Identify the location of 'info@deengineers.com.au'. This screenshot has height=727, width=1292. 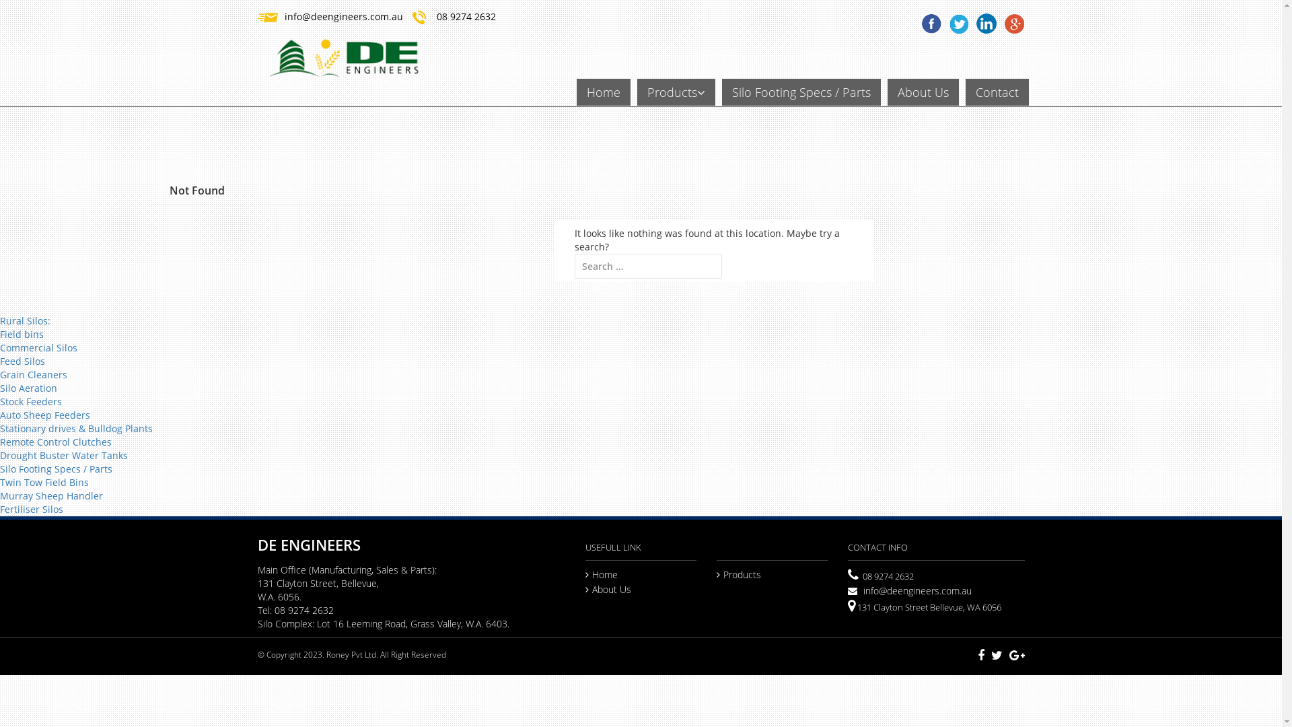
(343, 16).